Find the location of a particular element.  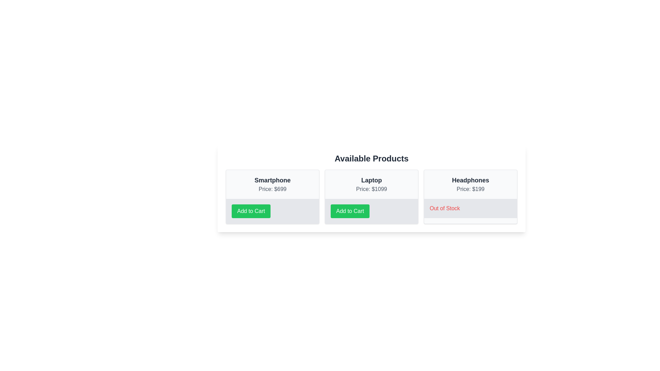

the red text label indicating that the 'Headphones' product is currently unavailable for purchase, located in the lower-right section of the product card is located at coordinates (445, 208).